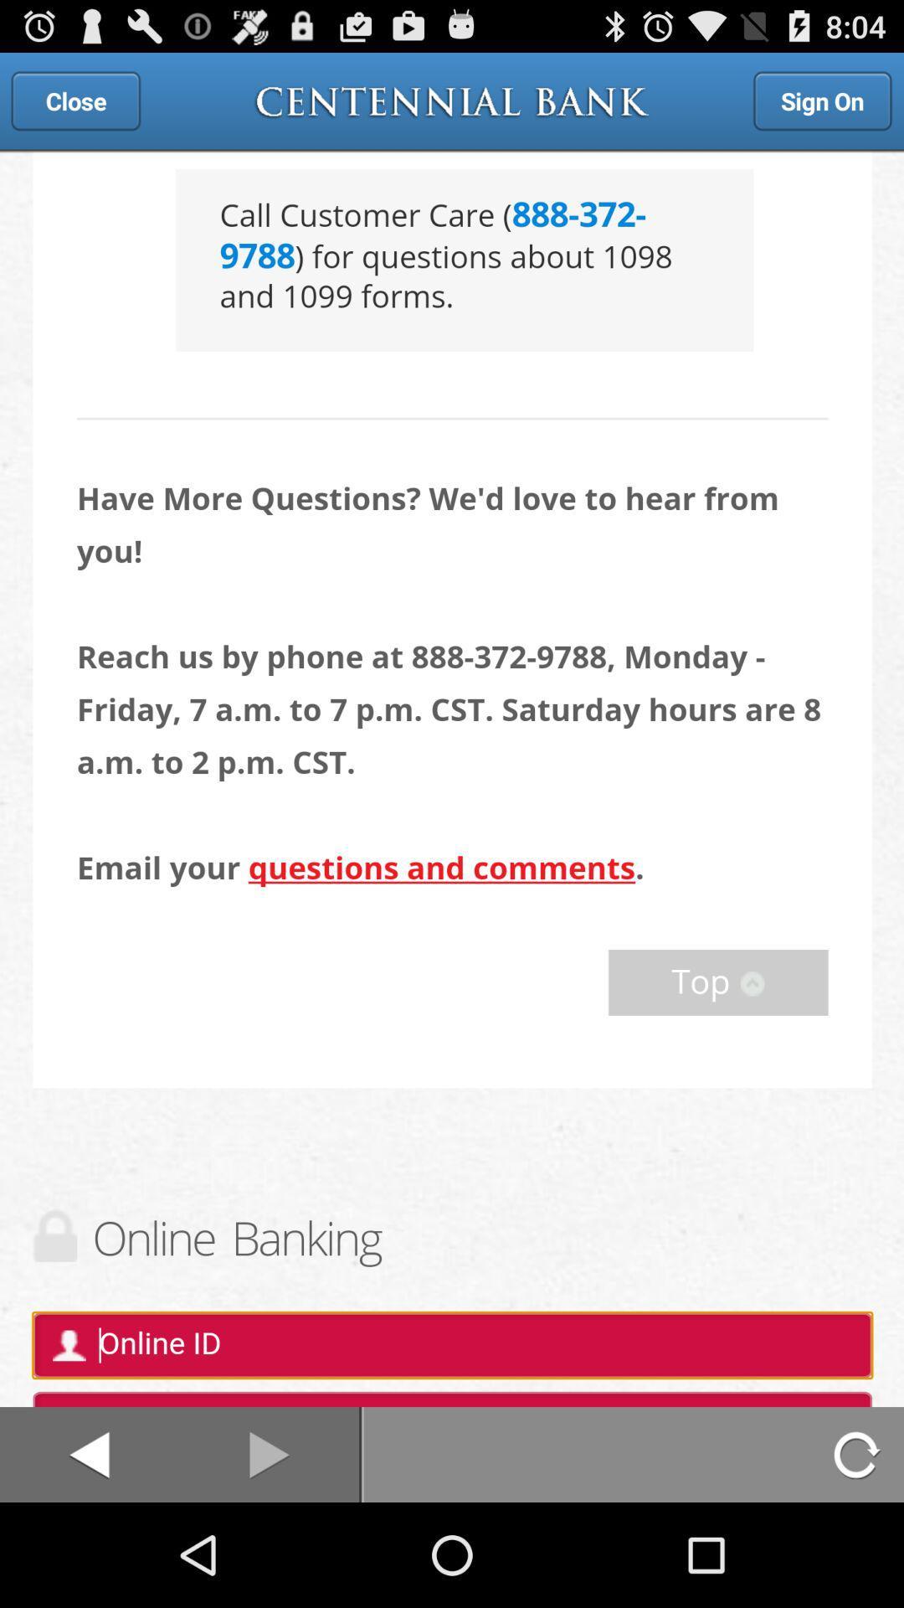 Image resolution: width=904 pixels, height=1608 pixels. Describe the element at coordinates (90, 1454) in the screenshot. I see `the first button which is below online id` at that location.